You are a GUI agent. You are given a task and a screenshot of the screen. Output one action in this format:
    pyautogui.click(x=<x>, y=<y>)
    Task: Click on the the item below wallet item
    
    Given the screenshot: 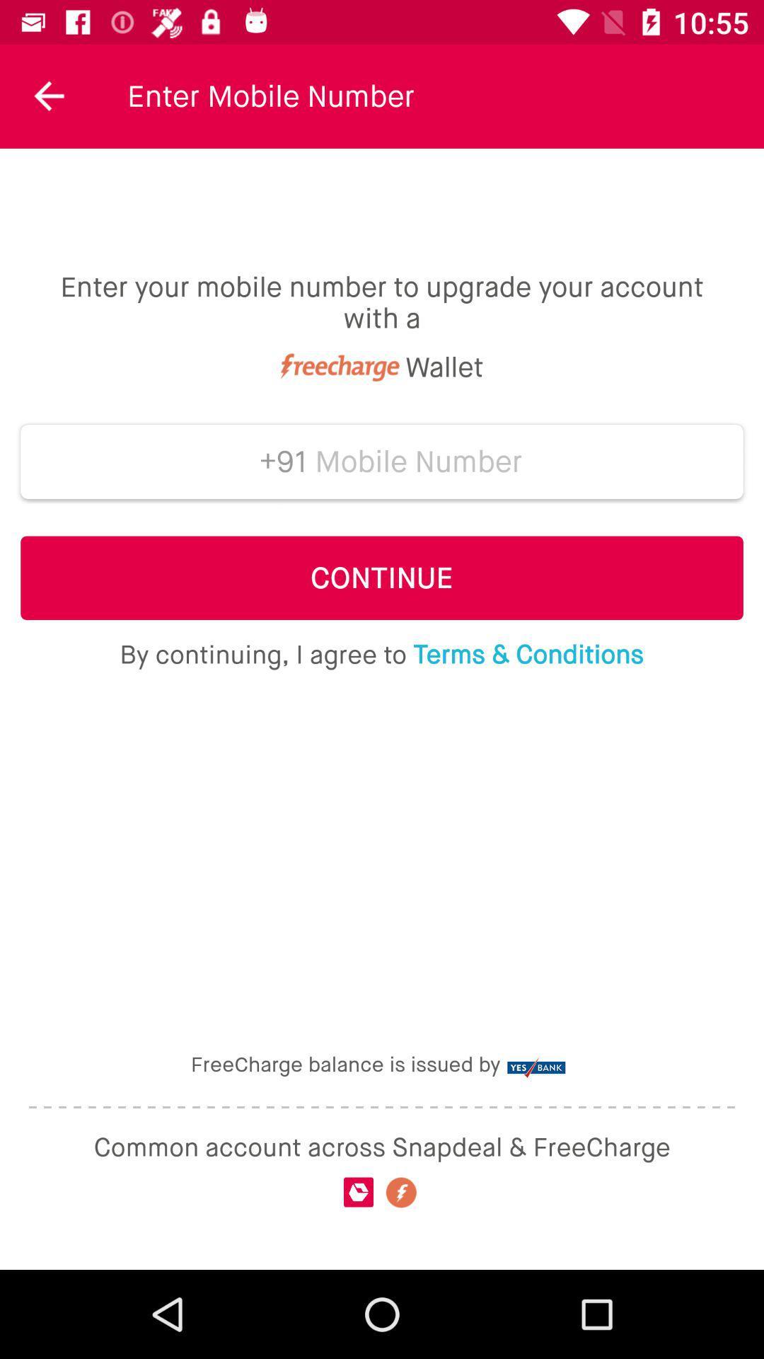 What is the action you would take?
    pyautogui.click(x=278, y=461)
    